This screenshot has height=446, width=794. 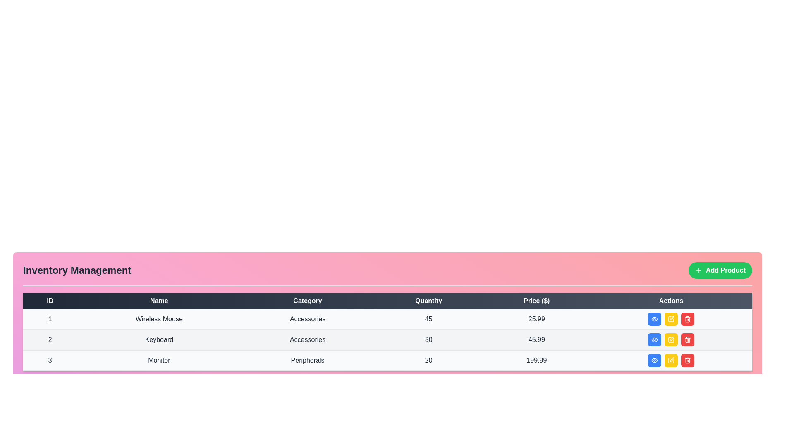 I want to click on the static text label element displaying 'ID', which is in bold white font on a dark background, located in the upper-left portion of the tabular header row, so click(x=50, y=301).